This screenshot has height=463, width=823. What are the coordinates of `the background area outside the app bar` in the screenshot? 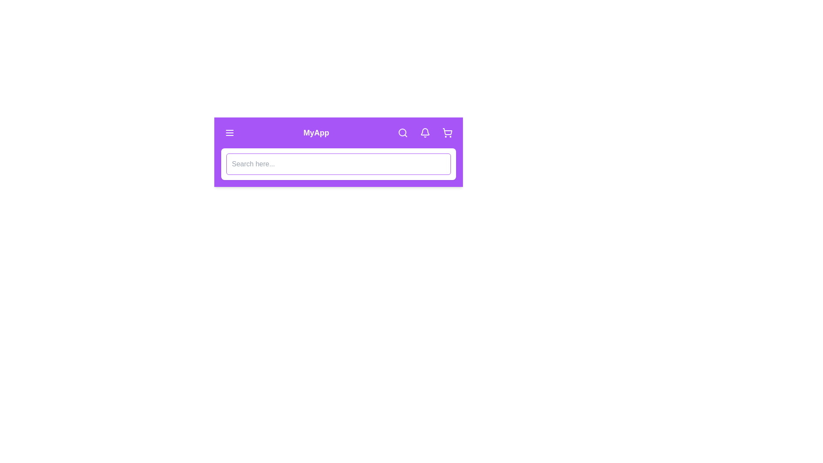 It's located at (42, 43).